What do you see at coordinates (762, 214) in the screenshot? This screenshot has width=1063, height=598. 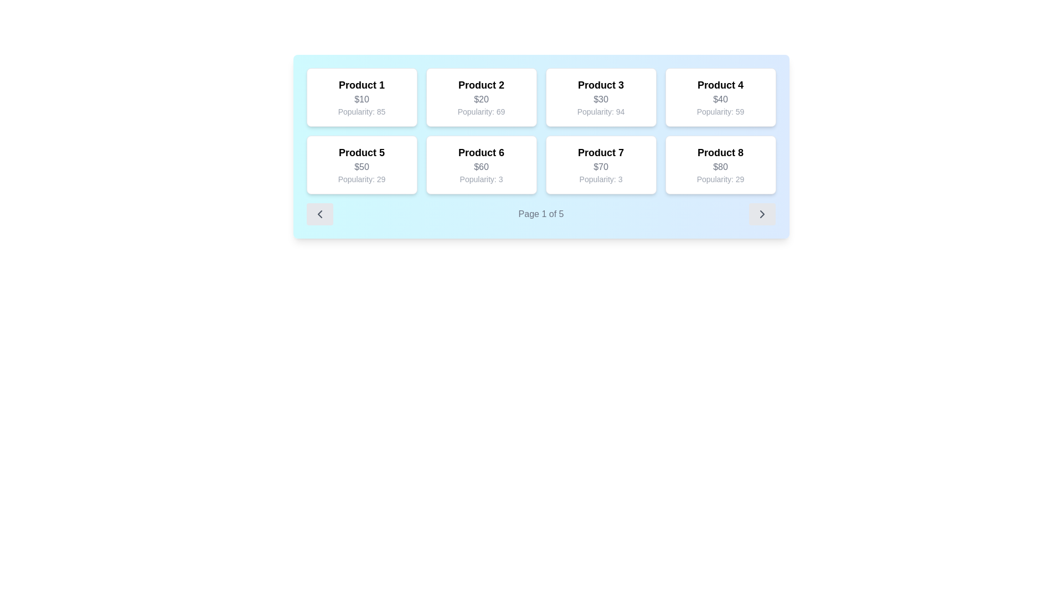 I see `the rounded rectangular button with a gray background and chevron-right arrow icon located on the right side of the pagination interface` at bounding box center [762, 214].